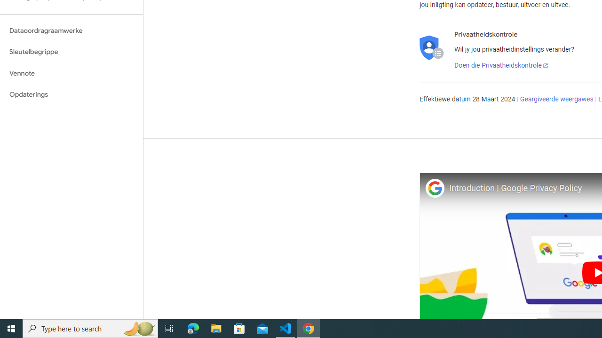 The image size is (602, 338). What do you see at coordinates (71, 73) in the screenshot?
I see `'Vennote'` at bounding box center [71, 73].